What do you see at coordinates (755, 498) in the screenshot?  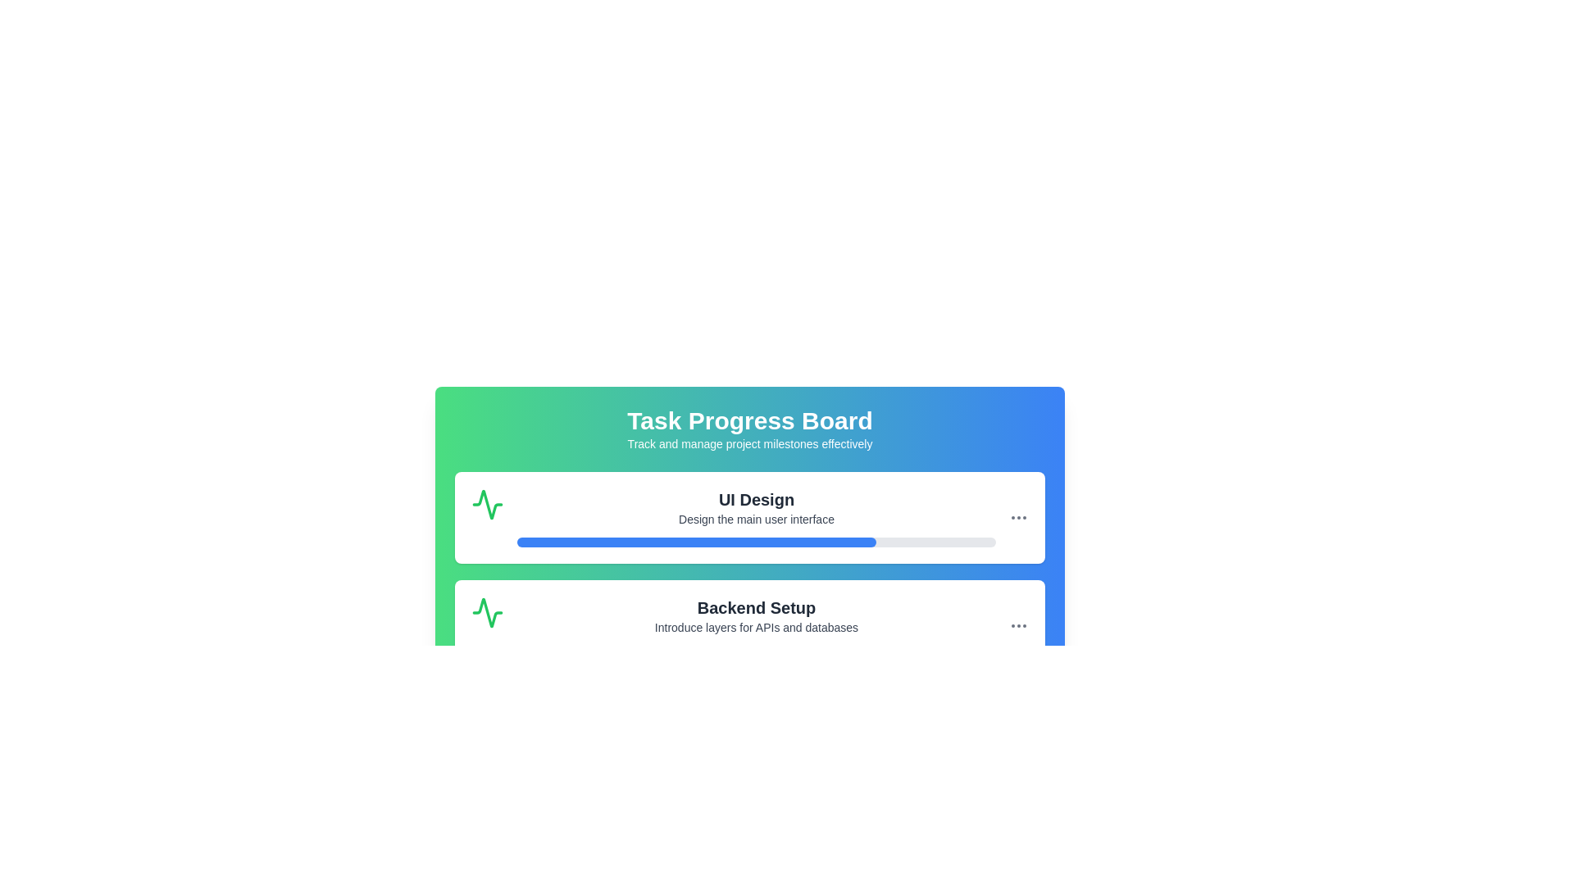 I see `text label located at the top of the task card, which serves as the title for the section it represents` at bounding box center [755, 498].